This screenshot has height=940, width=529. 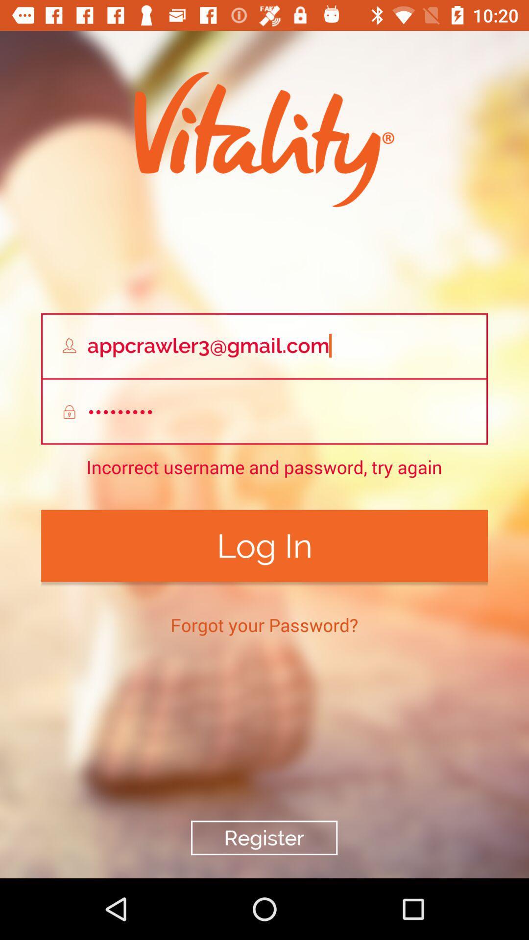 What do you see at coordinates (264, 545) in the screenshot?
I see `log in` at bounding box center [264, 545].